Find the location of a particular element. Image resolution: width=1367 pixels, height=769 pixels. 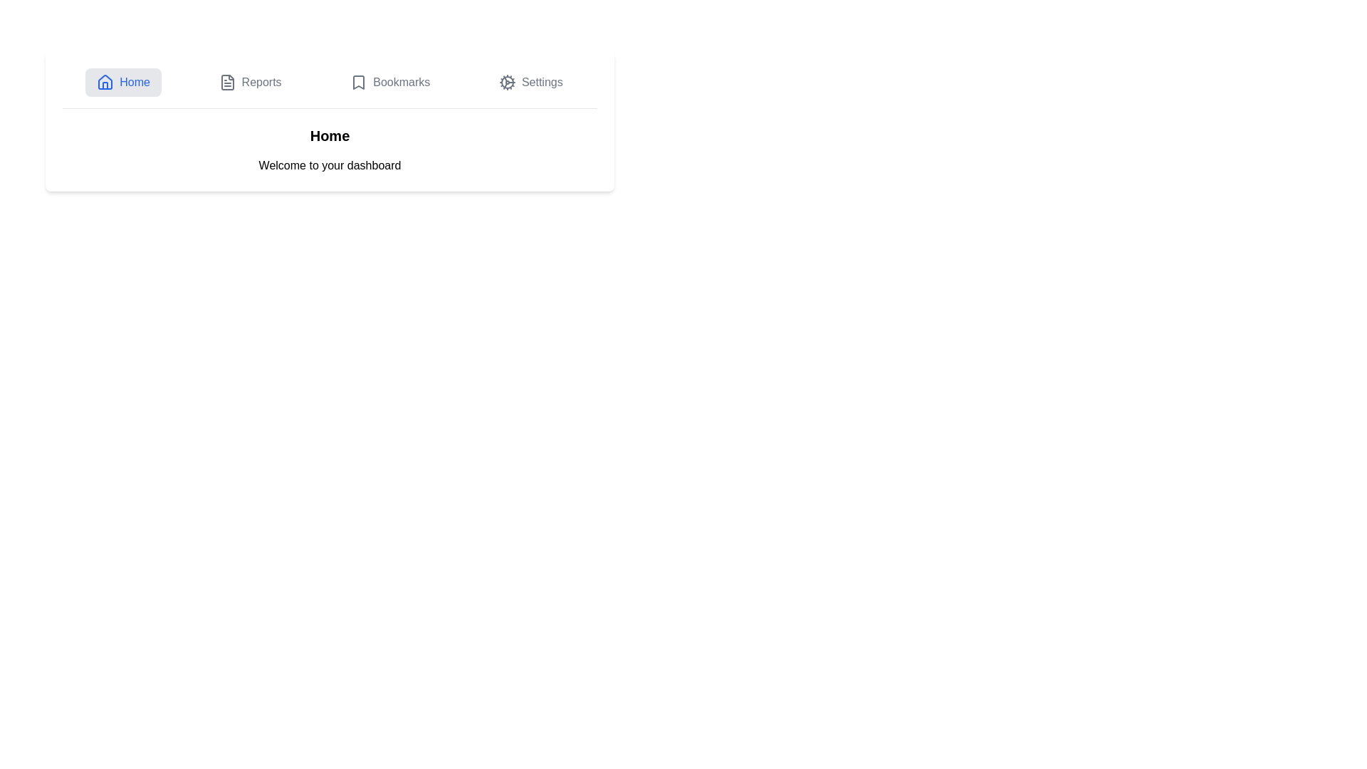

the bookmark icon located in the navigation bar between 'Reports' and 'Settings' is located at coordinates (359, 82).